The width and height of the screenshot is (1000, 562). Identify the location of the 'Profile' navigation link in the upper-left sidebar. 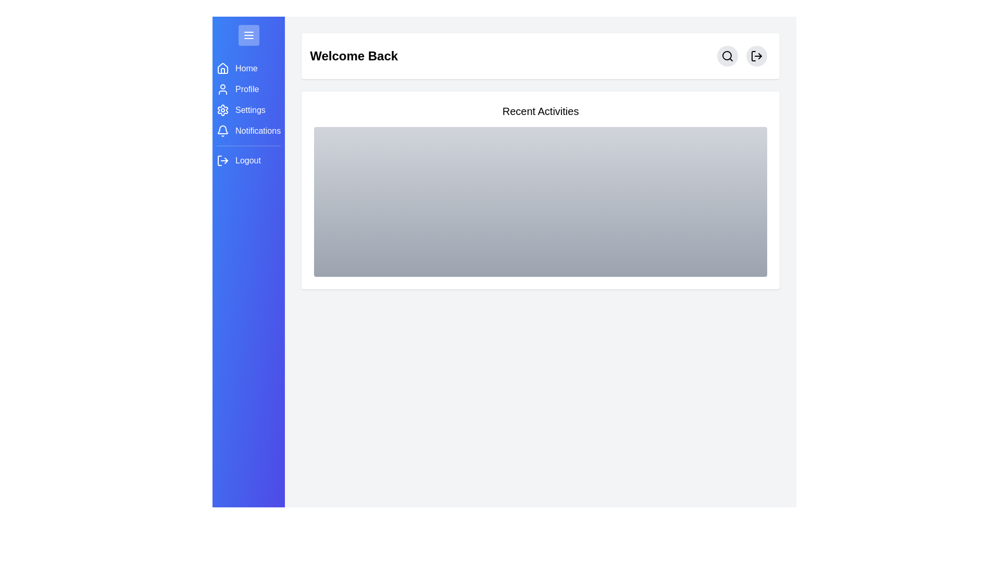
(248, 89).